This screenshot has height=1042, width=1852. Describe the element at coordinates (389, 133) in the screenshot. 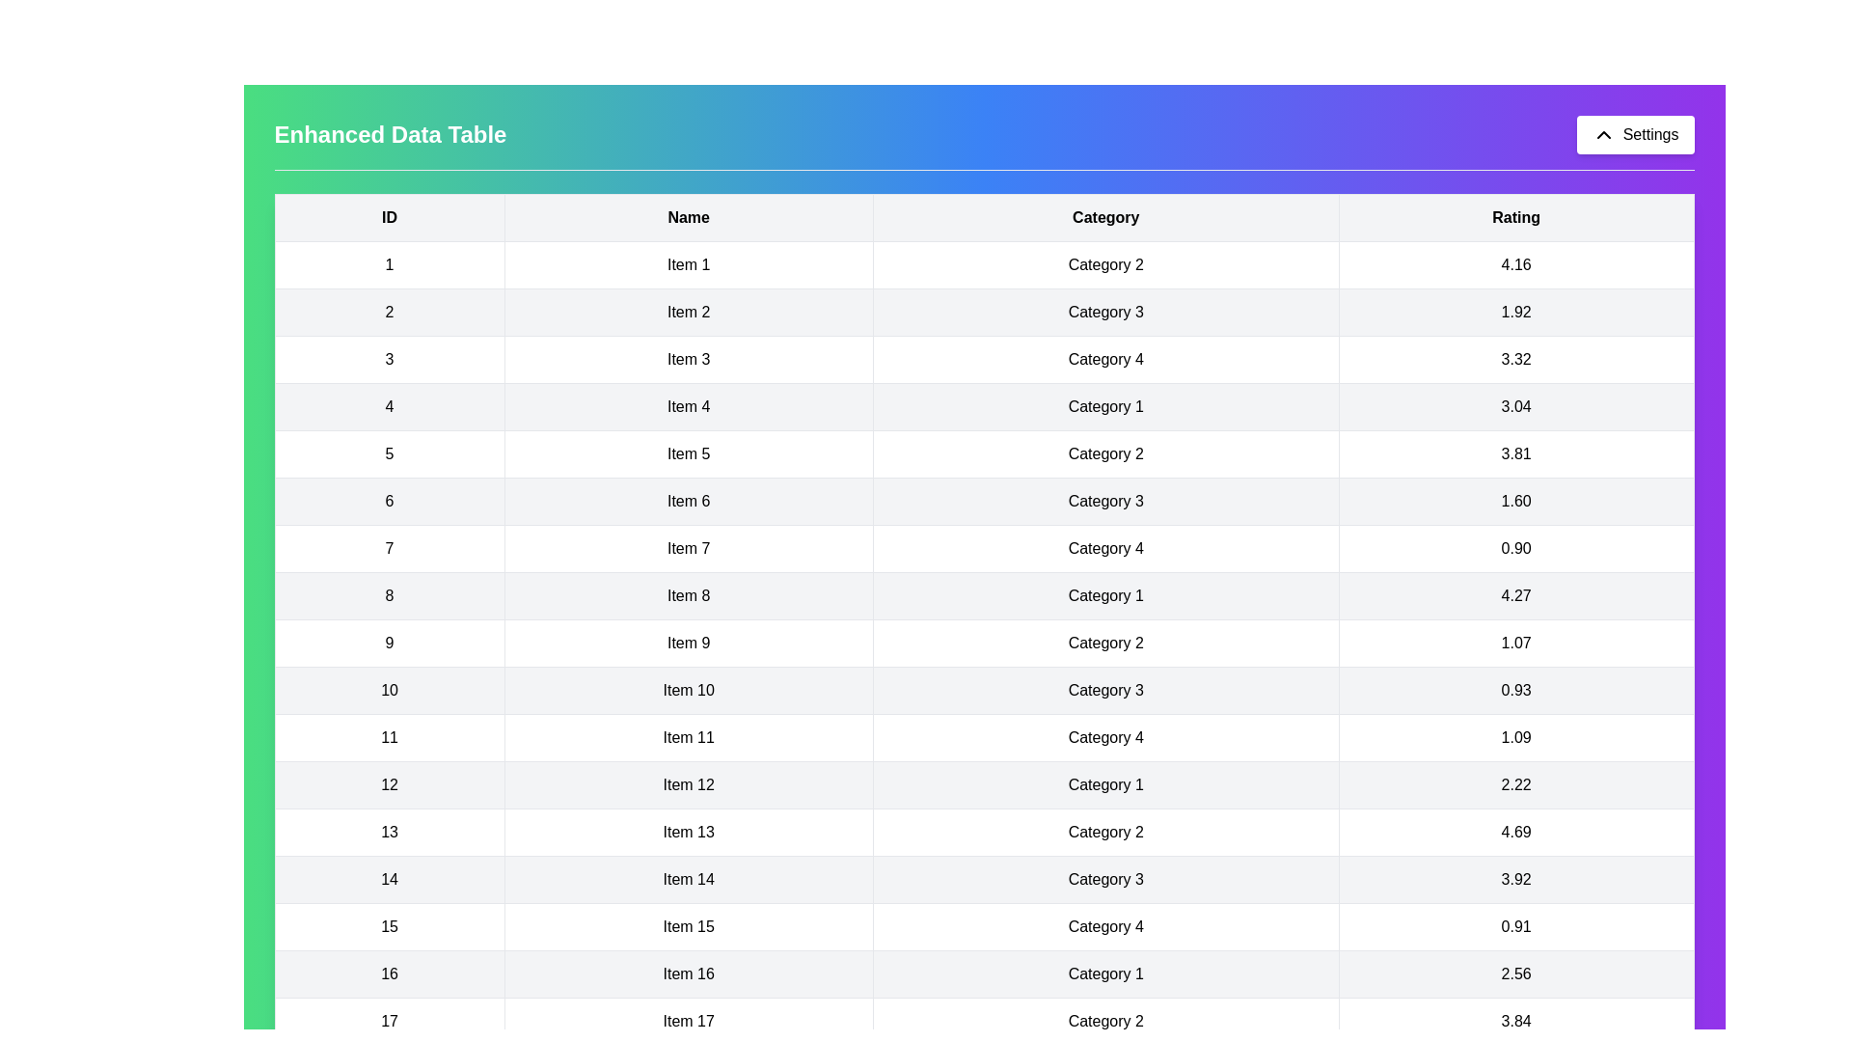

I see `the title text 'Enhanced Data Table' displayed at the top of the component` at that location.